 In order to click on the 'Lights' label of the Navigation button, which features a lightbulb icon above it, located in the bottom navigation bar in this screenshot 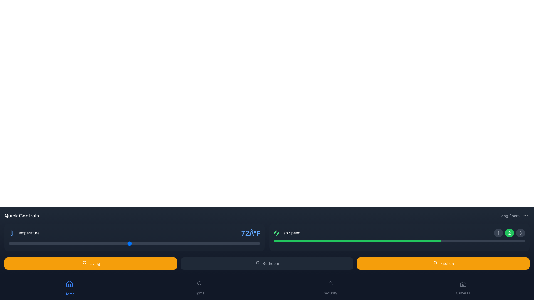, I will do `click(199, 287)`.